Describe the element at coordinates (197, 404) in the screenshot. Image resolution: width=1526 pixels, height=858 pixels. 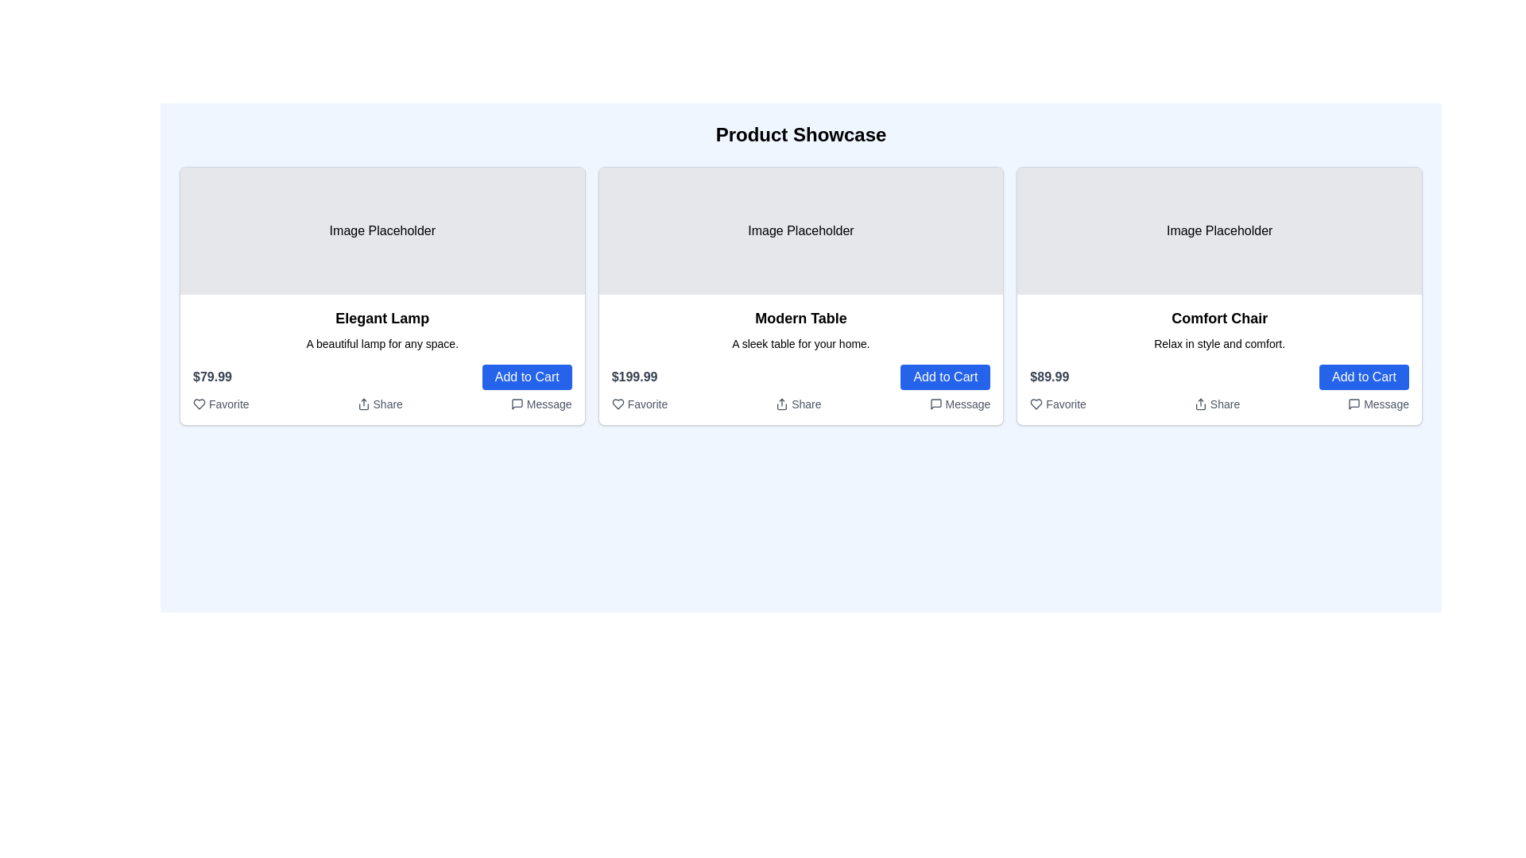
I see `the 'Favorite' button located at the bottom section of the leftmost product card to mark the associated product as a favorite` at that location.